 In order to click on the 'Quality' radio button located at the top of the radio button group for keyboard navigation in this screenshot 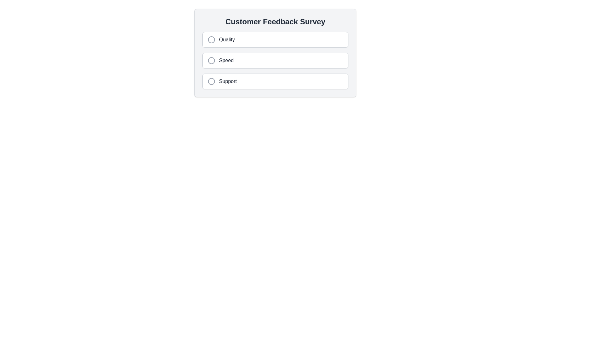, I will do `click(275, 40)`.